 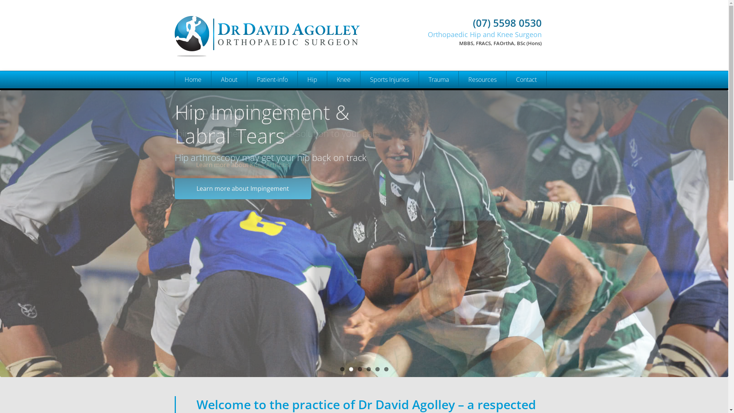 What do you see at coordinates (389, 96) in the screenshot?
I see `'Acute Hip and Knee Sports Injury Clinic'` at bounding box center [389, 96].